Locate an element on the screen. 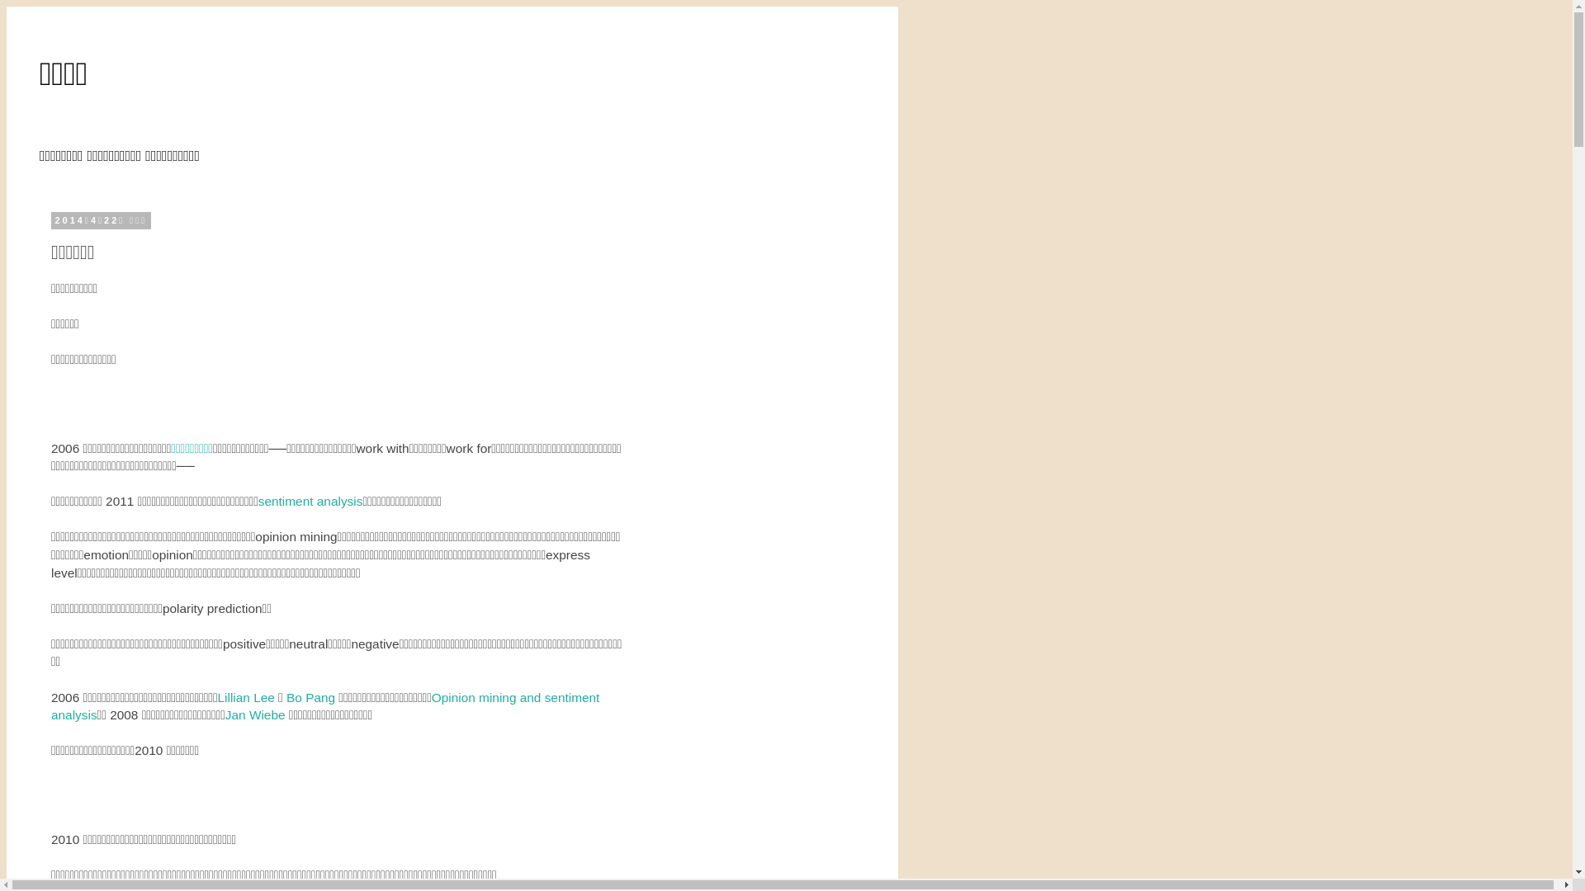 The width and height of the screenshot is (1585, 891). 'Lillian Lee' is located at coordinates (245, 697).